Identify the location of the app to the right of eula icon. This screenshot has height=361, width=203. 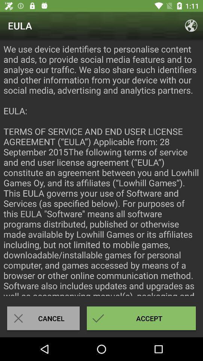
(191, 26).